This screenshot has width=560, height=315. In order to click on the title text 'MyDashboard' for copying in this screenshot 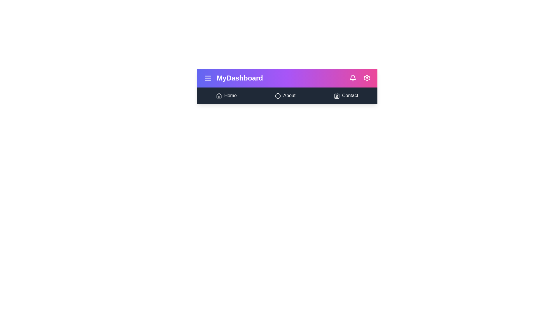, I will do `click(239, 78)`.